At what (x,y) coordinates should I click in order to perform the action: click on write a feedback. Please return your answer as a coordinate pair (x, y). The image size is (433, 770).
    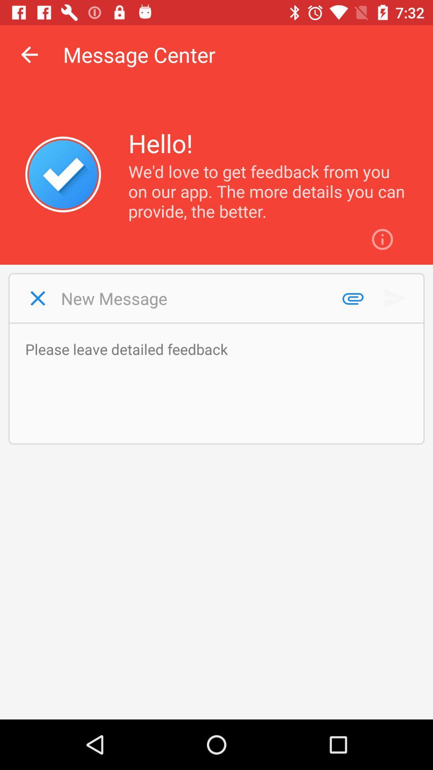
    Looking at the image, I should click on (221, 383).